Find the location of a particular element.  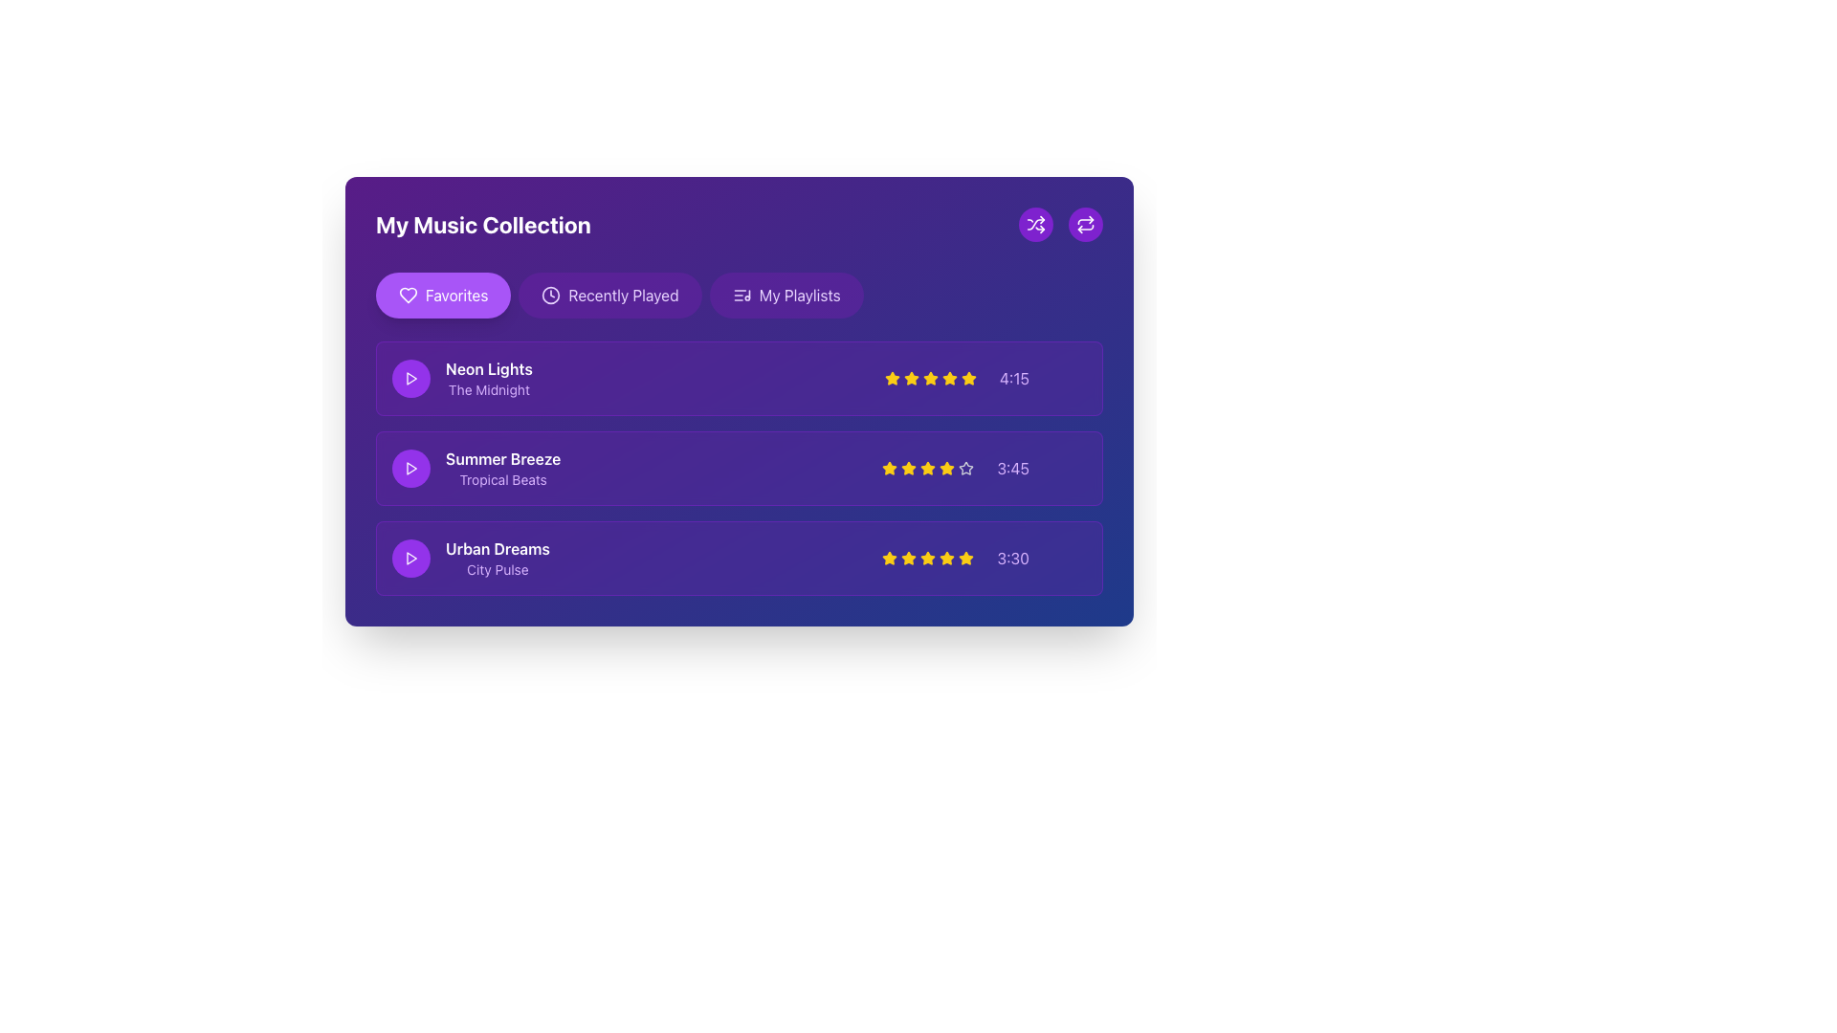

the fifth yellow star icon in the rating system to rate the track 'Summer Breeze' in 'My Music Collection' is located at coordinates (947, 468).